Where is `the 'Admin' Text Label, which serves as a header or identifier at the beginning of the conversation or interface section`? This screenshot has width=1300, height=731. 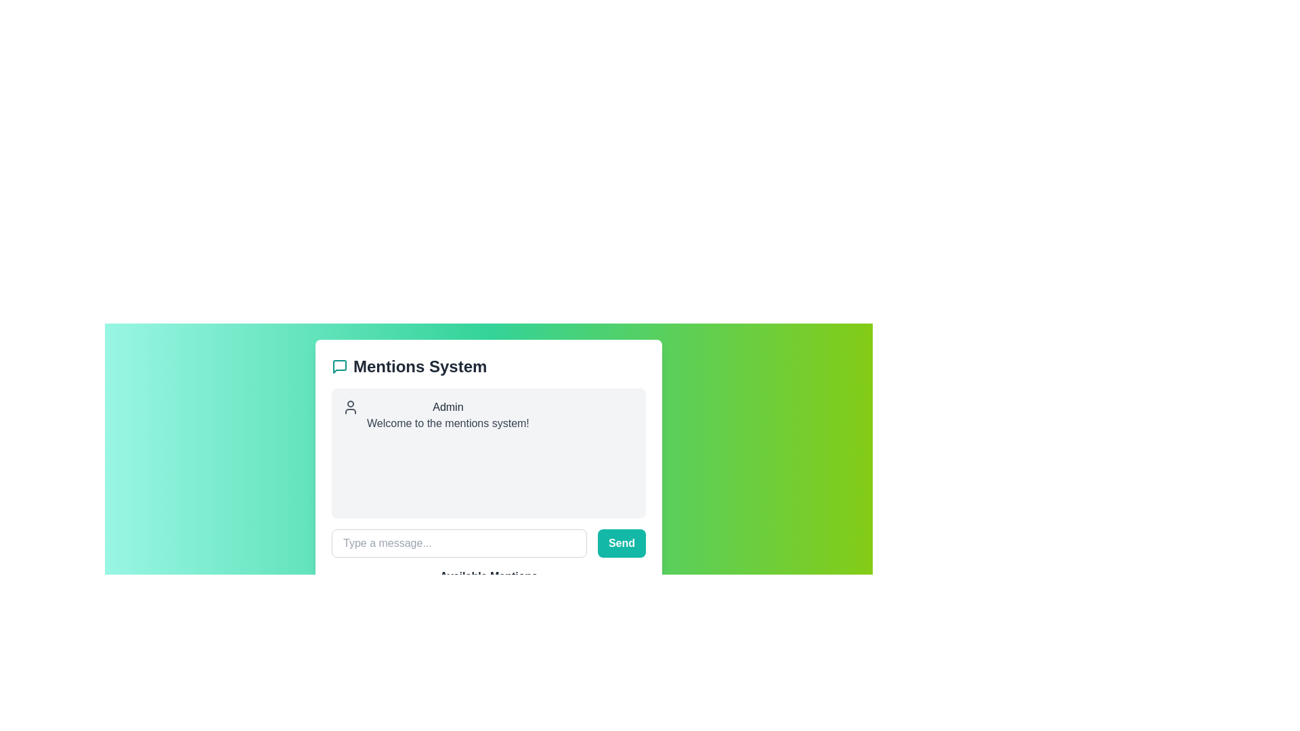 the 'Admin' Text Label, which serves as a header or identifier at the beginning of the conversation or interface section is located at coordinates (448, 406).